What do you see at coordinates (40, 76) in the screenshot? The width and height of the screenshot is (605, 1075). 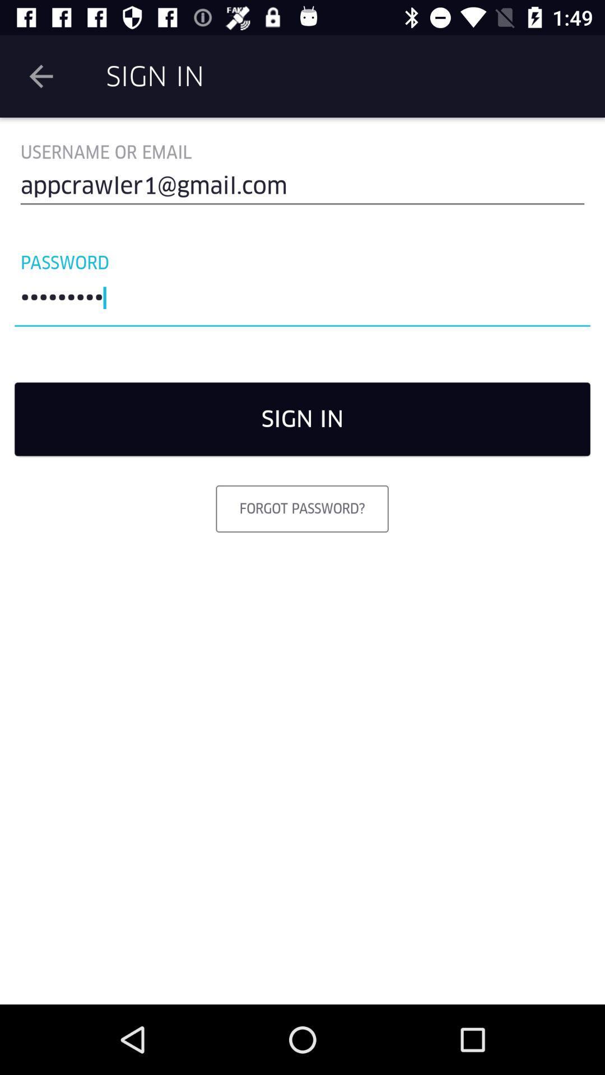 I see `item next to the sign in item` at bounding box center [40, 76].